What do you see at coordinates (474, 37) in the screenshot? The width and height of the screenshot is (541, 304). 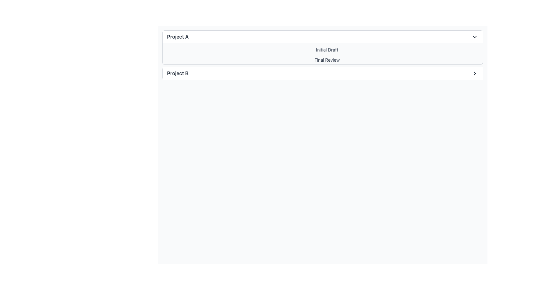 I see `the downward-pointing chevron toggle icon located at the far right of the header labeled 'Project A'` at bounding box center [474, 37].